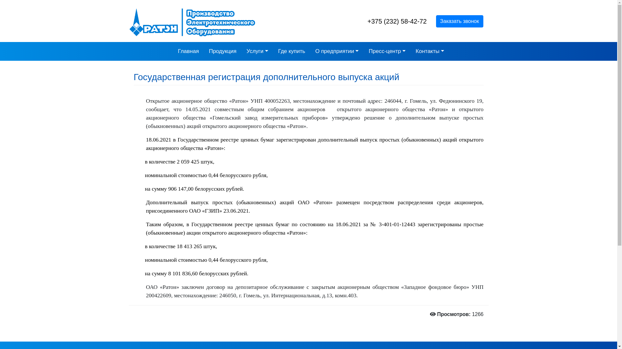 The image size is (622, 349). What do you see at coordinates (397, 21) in the screenshot?
I see `'+375 (232) 58-42-72'` at bounding box center [397, 21].